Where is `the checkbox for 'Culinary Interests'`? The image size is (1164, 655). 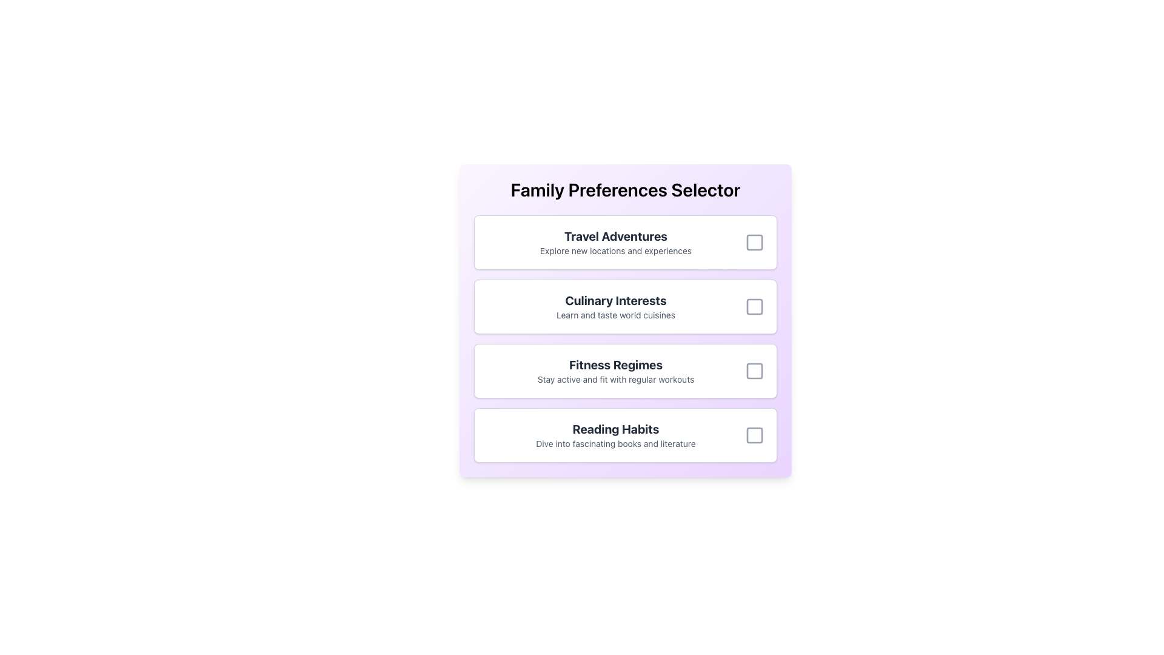 the checkbox for 'Culinary Interests' is located at coordinates (754, 306).